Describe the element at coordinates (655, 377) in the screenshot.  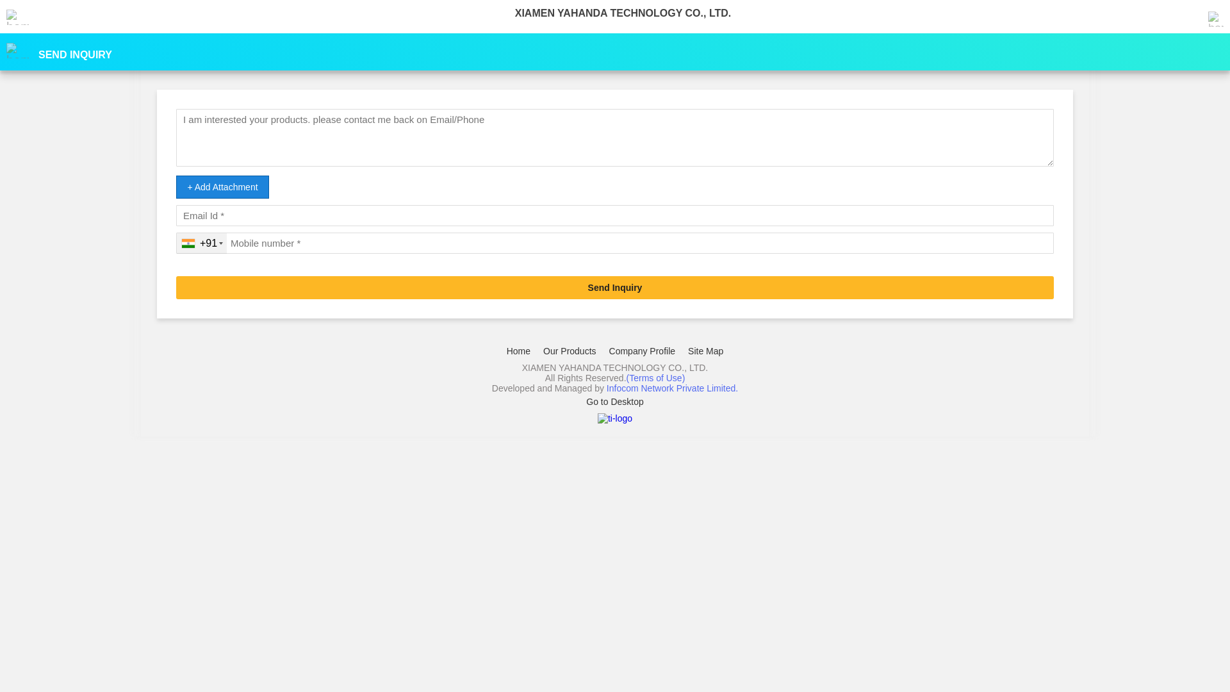
I see `'(Terms of Use)'` at that location.